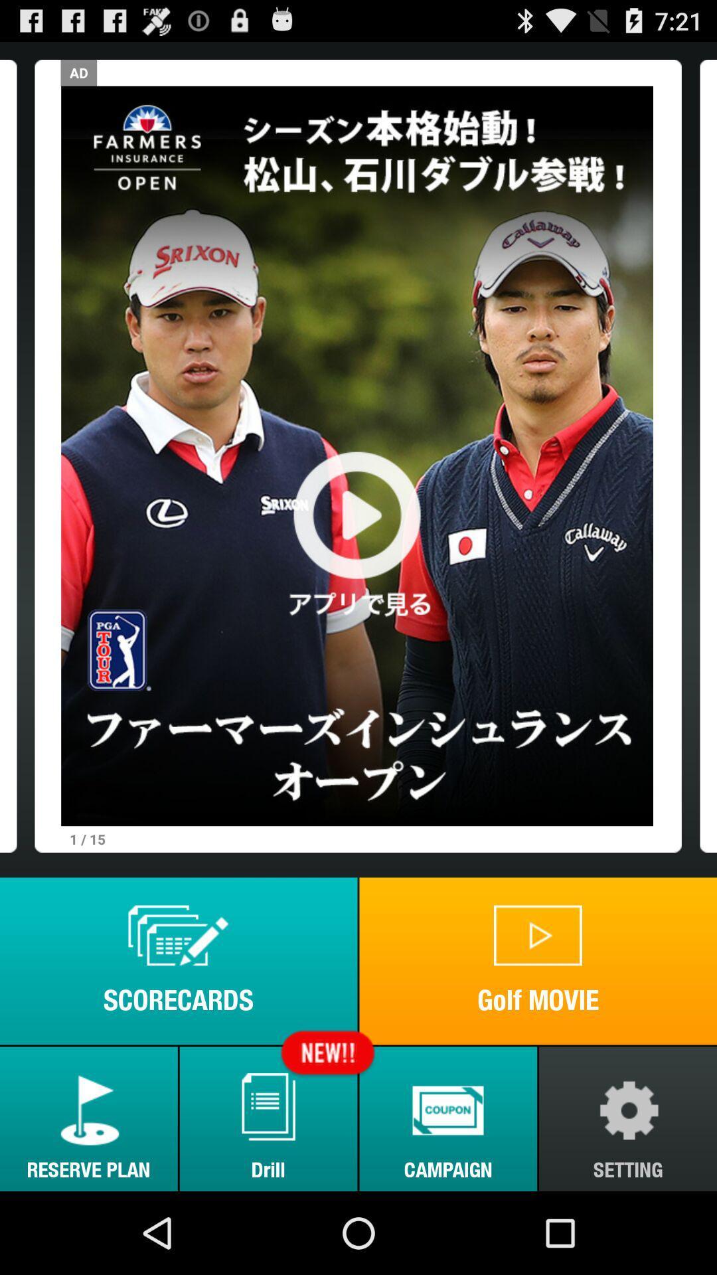  What do you see at coordinates (88, 1118) in the screenshot?
I see `item next to the drill item` at bounding box center [88, 1118].